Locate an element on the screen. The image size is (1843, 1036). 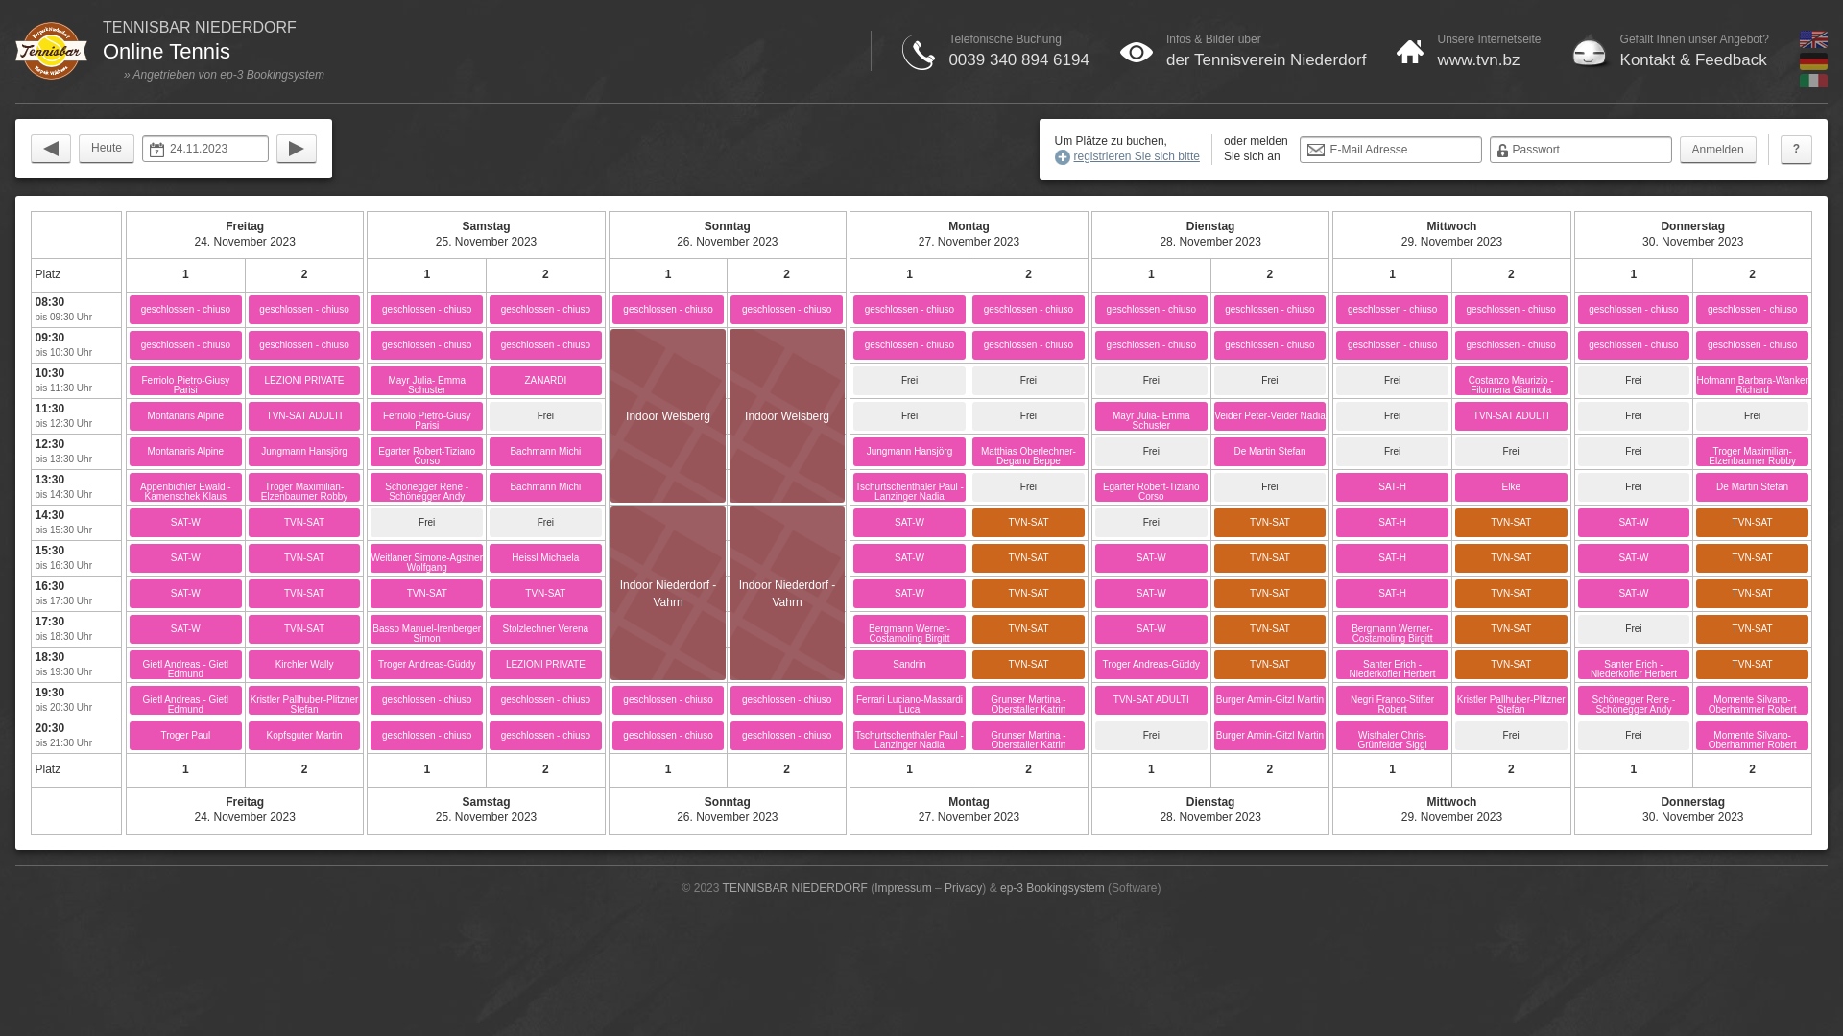
'Ferriolo Pietro-Giusy Parisi' is located at coordinates (128, 381).